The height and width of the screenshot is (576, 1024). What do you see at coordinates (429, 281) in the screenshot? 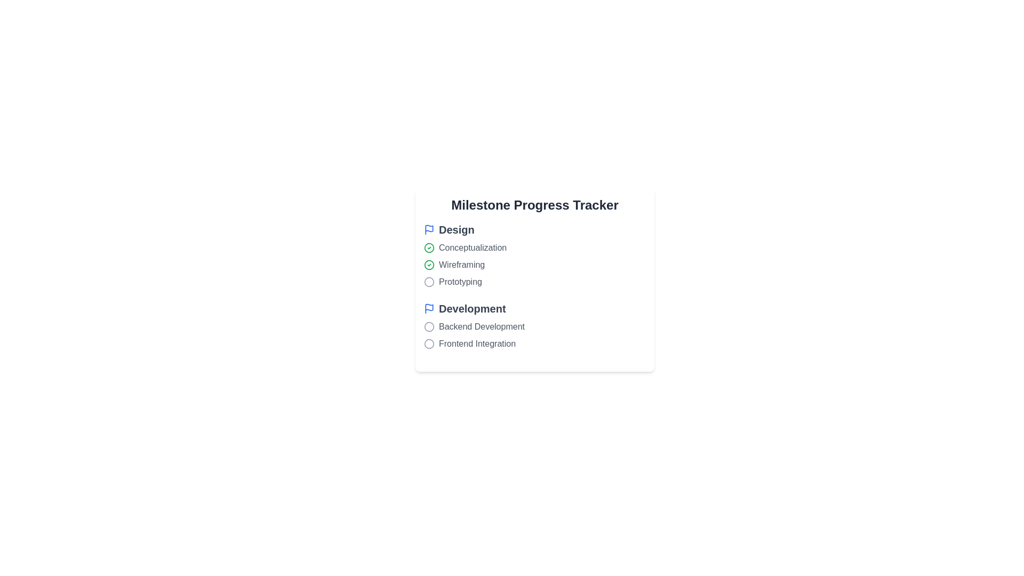
I see `the circular outline icon next to the 'Prototyping' text` at bounding box center [429, 281].